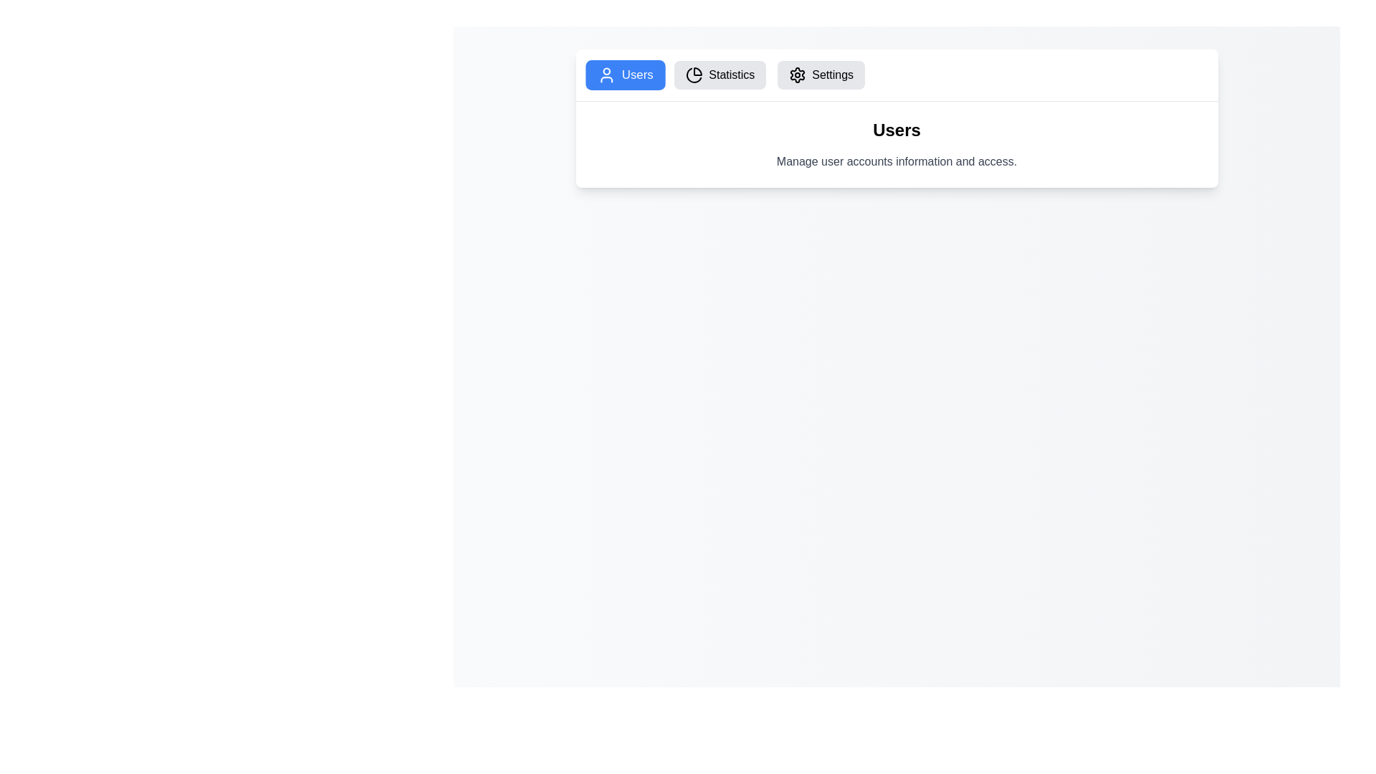  What do you see at coordinates (625, 75) in the screenshot?
I see `the 'Users' navigation button located at the top left corner of the row of navigation buttons` at bounding box center [625, 75].